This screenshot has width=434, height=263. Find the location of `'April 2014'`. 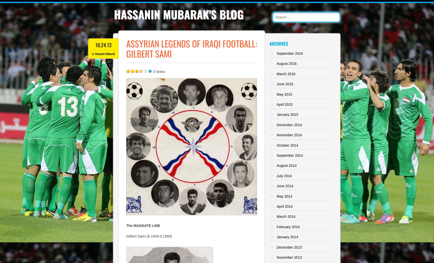

'April 2014' is located at coordinates (276, 206).